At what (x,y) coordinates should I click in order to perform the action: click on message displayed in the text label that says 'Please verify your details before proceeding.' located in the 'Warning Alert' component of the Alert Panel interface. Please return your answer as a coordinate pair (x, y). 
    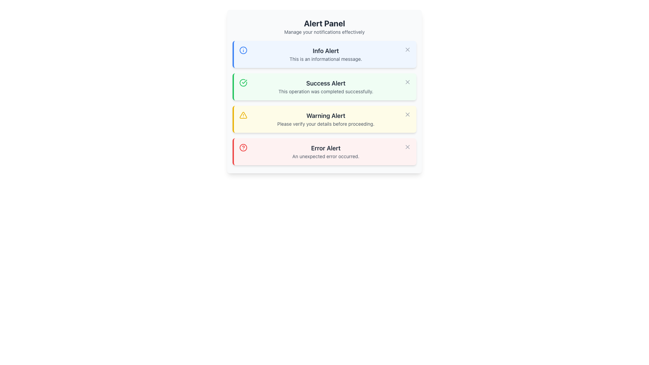
    Looking at the image, I should click on (326, 124).